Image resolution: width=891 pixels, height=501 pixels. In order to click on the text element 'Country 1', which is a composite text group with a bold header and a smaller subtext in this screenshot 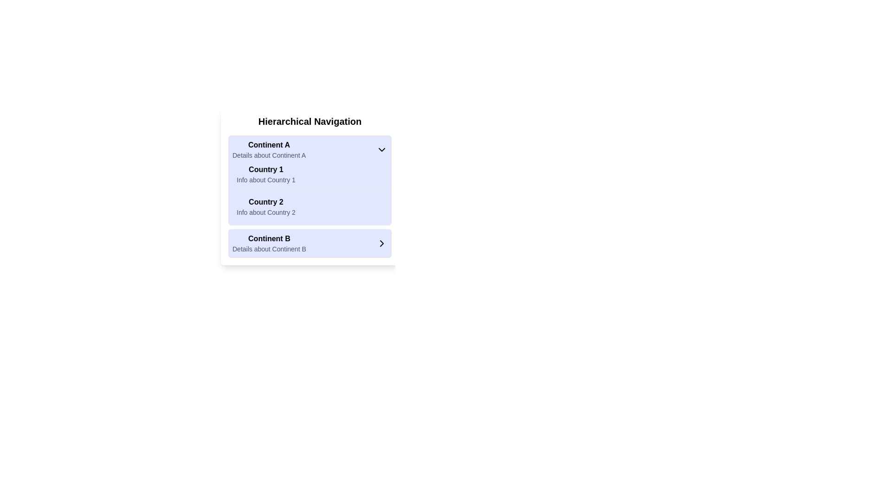, I will do `click(265, 174)`.